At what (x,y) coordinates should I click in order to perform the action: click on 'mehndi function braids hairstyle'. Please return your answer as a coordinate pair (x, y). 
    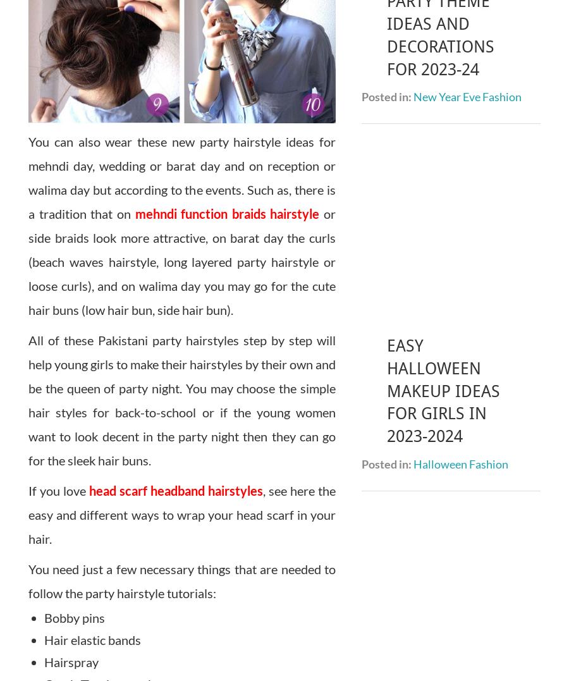
    Looking at the image, I should click on (135, 212).